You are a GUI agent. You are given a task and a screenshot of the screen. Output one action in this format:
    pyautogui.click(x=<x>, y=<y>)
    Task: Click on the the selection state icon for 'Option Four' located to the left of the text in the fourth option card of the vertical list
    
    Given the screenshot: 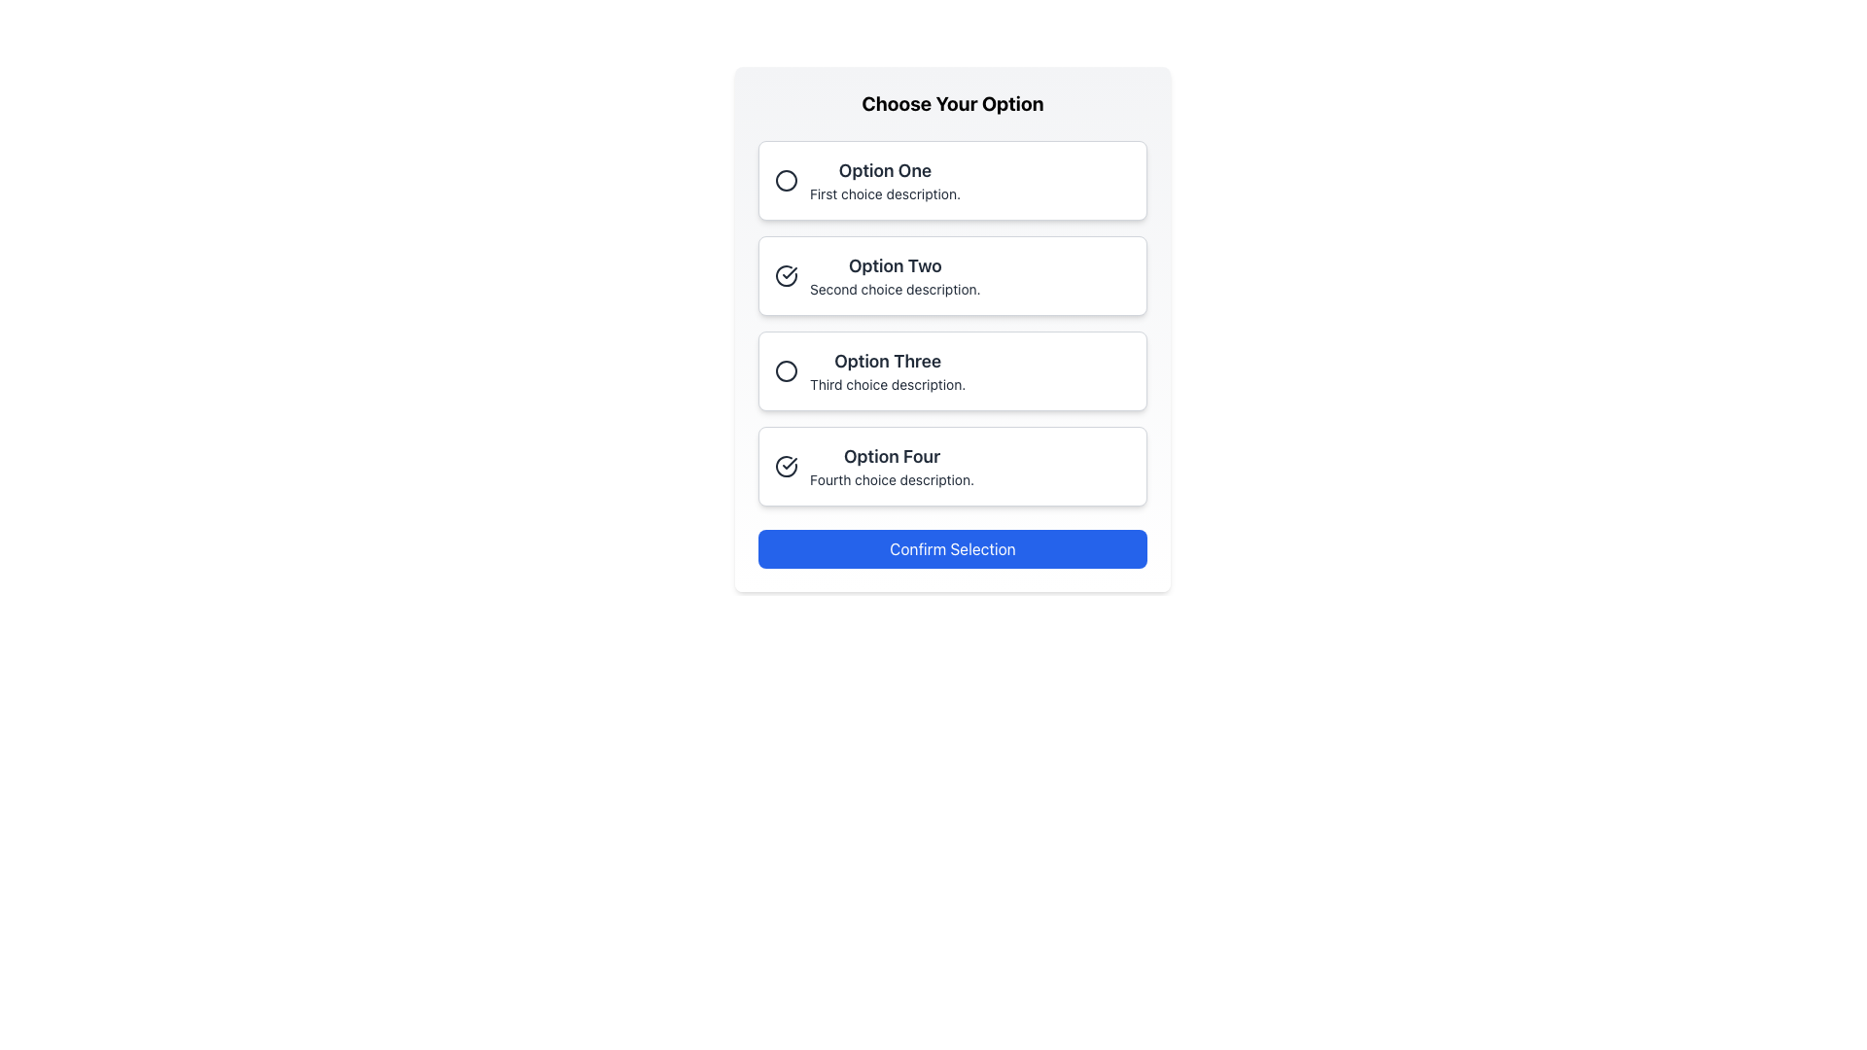 What is the action you would take?
    pyautogui.click(x=787, y=466)
    